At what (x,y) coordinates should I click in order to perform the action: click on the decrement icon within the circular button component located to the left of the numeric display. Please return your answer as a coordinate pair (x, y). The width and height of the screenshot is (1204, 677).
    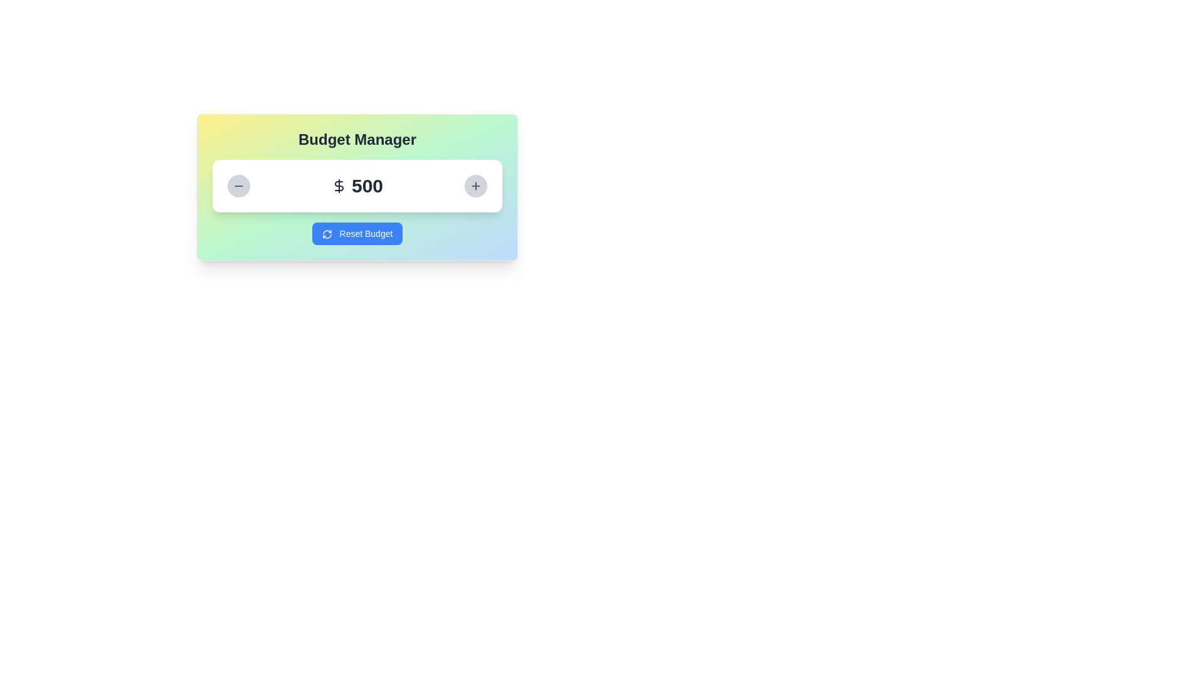
    Looking at the image, I should click on (238, 186).